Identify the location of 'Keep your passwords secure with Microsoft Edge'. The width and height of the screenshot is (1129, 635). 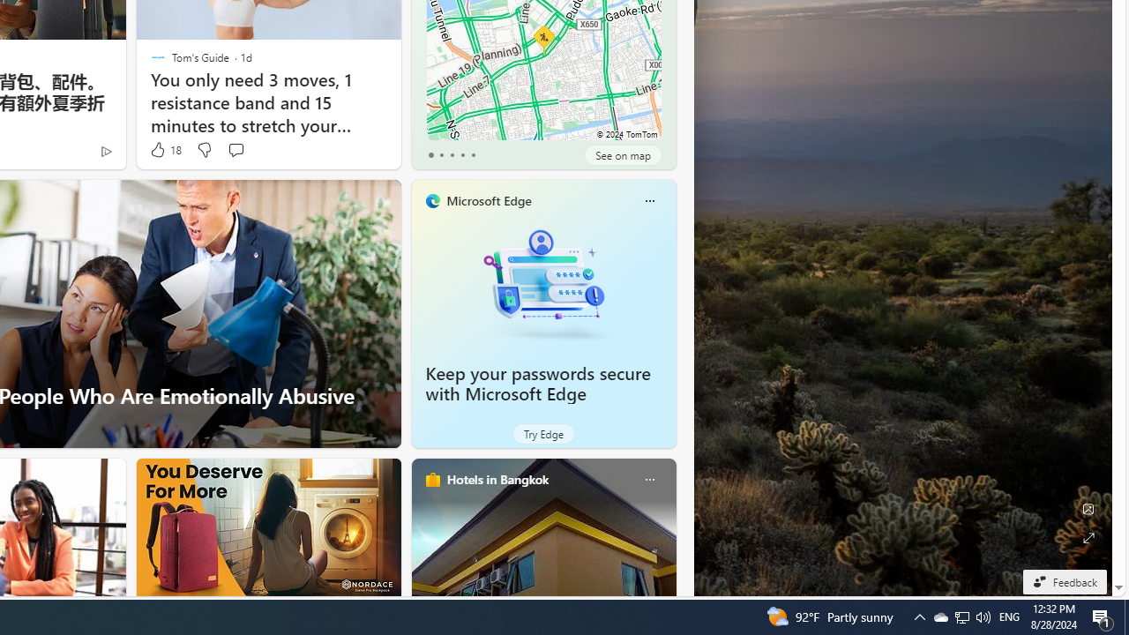
(542, 282).